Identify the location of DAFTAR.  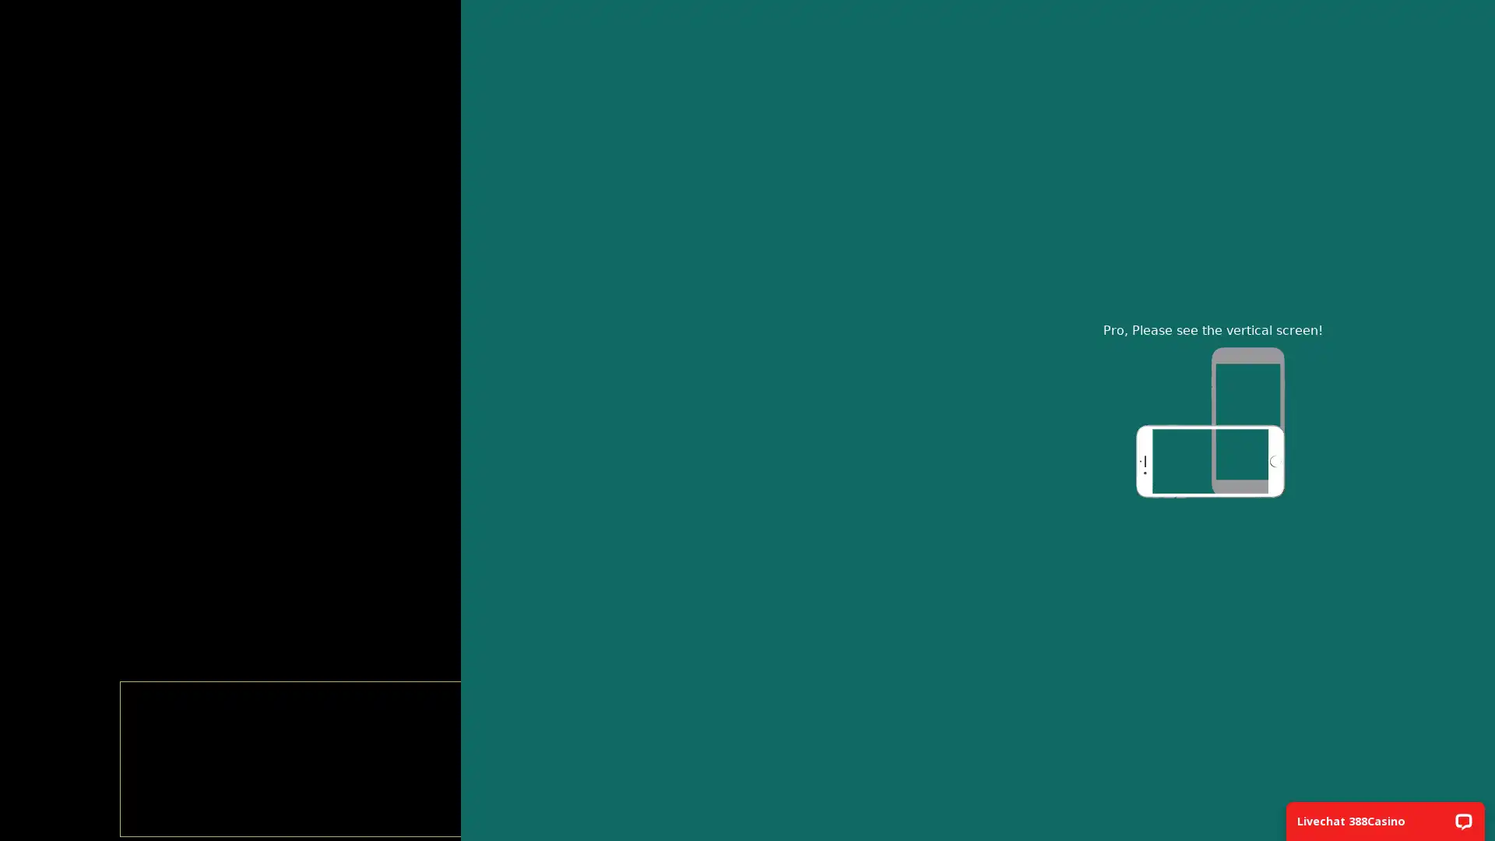
(746, 347).